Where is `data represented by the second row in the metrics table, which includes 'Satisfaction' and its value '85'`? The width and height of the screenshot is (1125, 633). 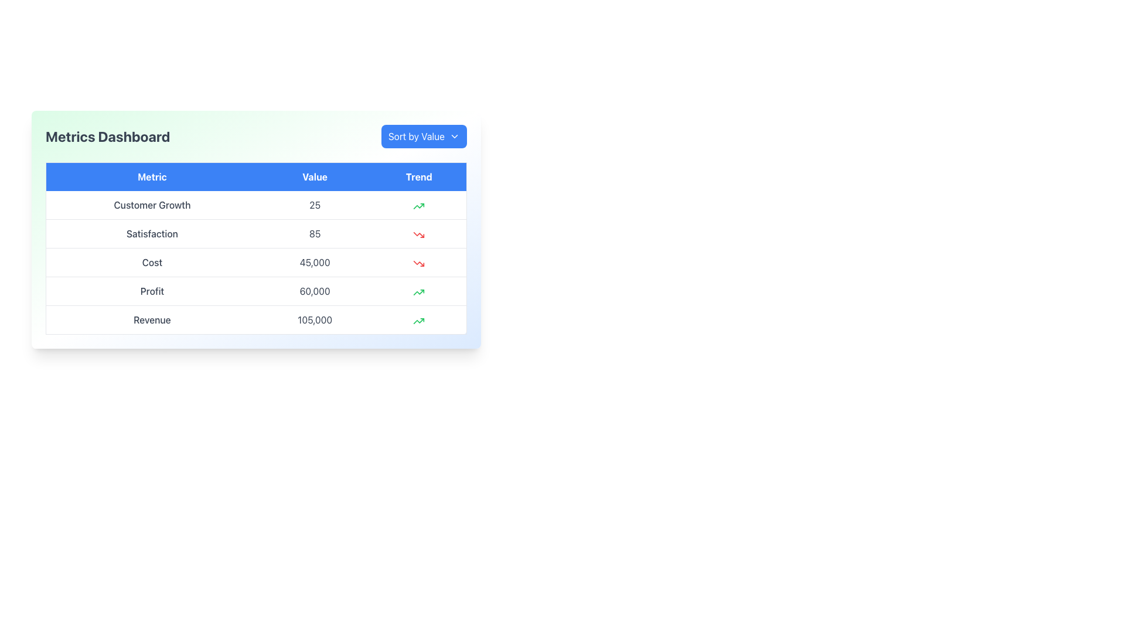 data represented by the second row in the metrics table, which includes 'Satisfaction' and its value '85' is located at coordinates (255, 233).